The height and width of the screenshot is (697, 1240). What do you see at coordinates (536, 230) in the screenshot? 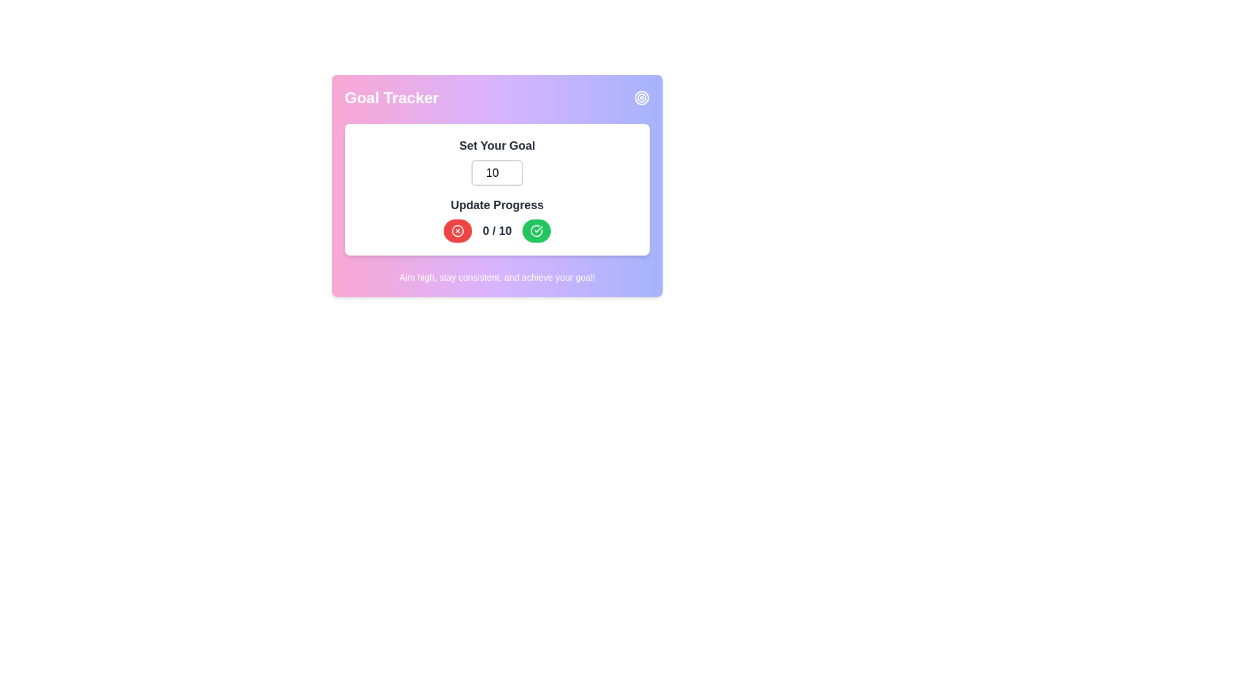
I see `the circular green button with a white checkmark icon to confirm the progress update located under the 'Update Progress' label` at bounding box center [536, 230].